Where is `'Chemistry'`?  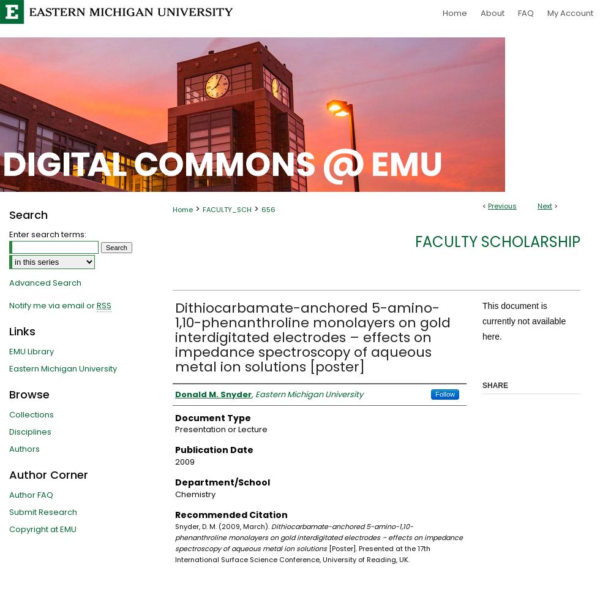 'Chemistry' is located at coordinates (195, 493).